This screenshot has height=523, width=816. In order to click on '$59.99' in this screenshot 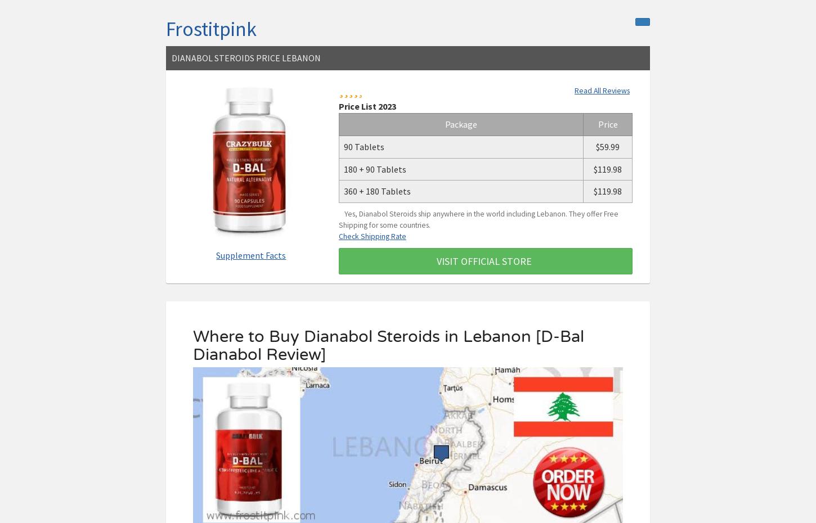, I will do `click(595, 146)`.